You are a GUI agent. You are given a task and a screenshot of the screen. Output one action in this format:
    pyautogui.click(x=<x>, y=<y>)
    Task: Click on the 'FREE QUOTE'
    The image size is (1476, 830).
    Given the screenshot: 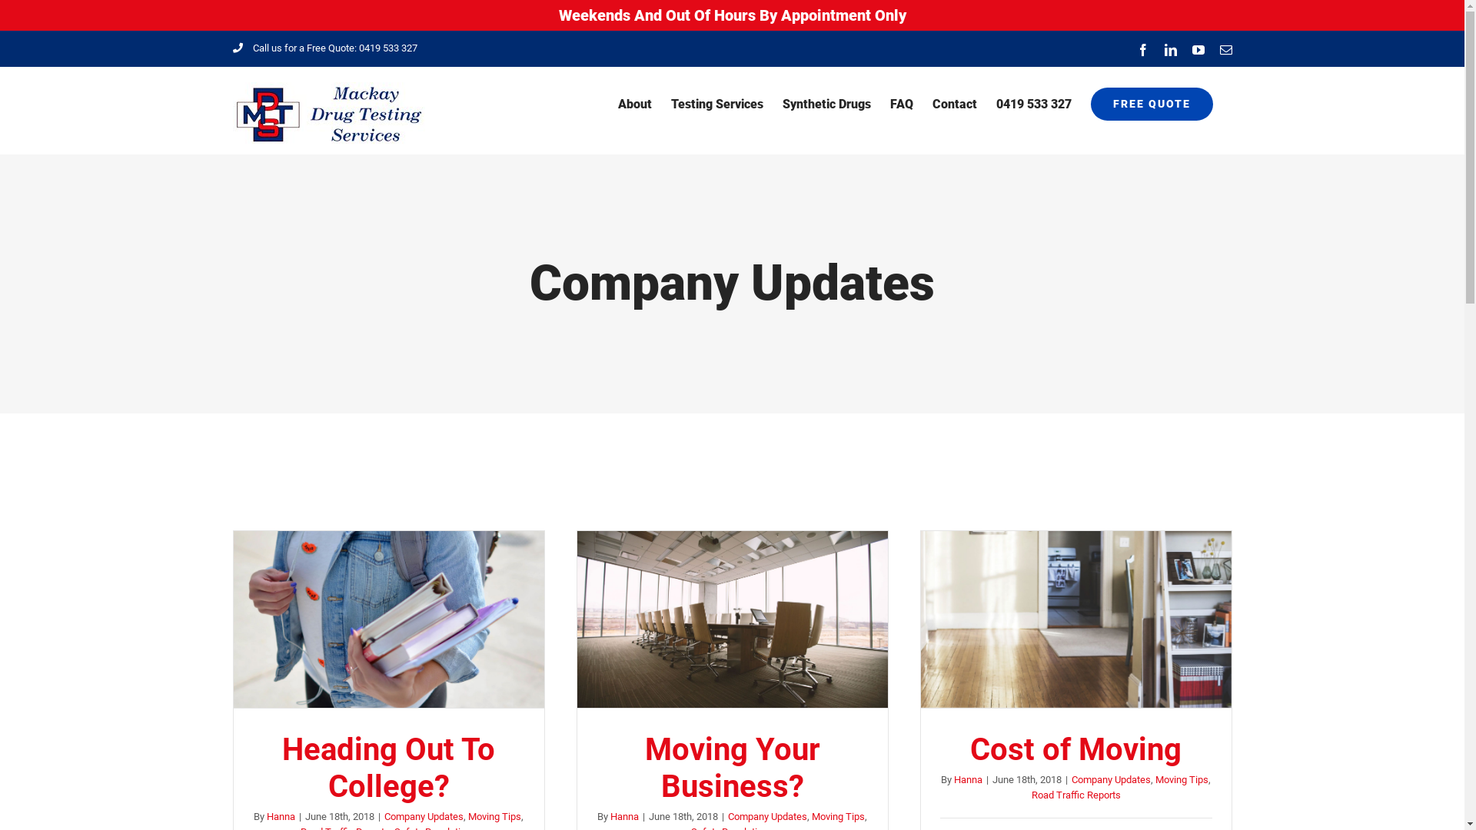 What is the action you would take?
    pyautogui.click(x=1151, y=104)
    